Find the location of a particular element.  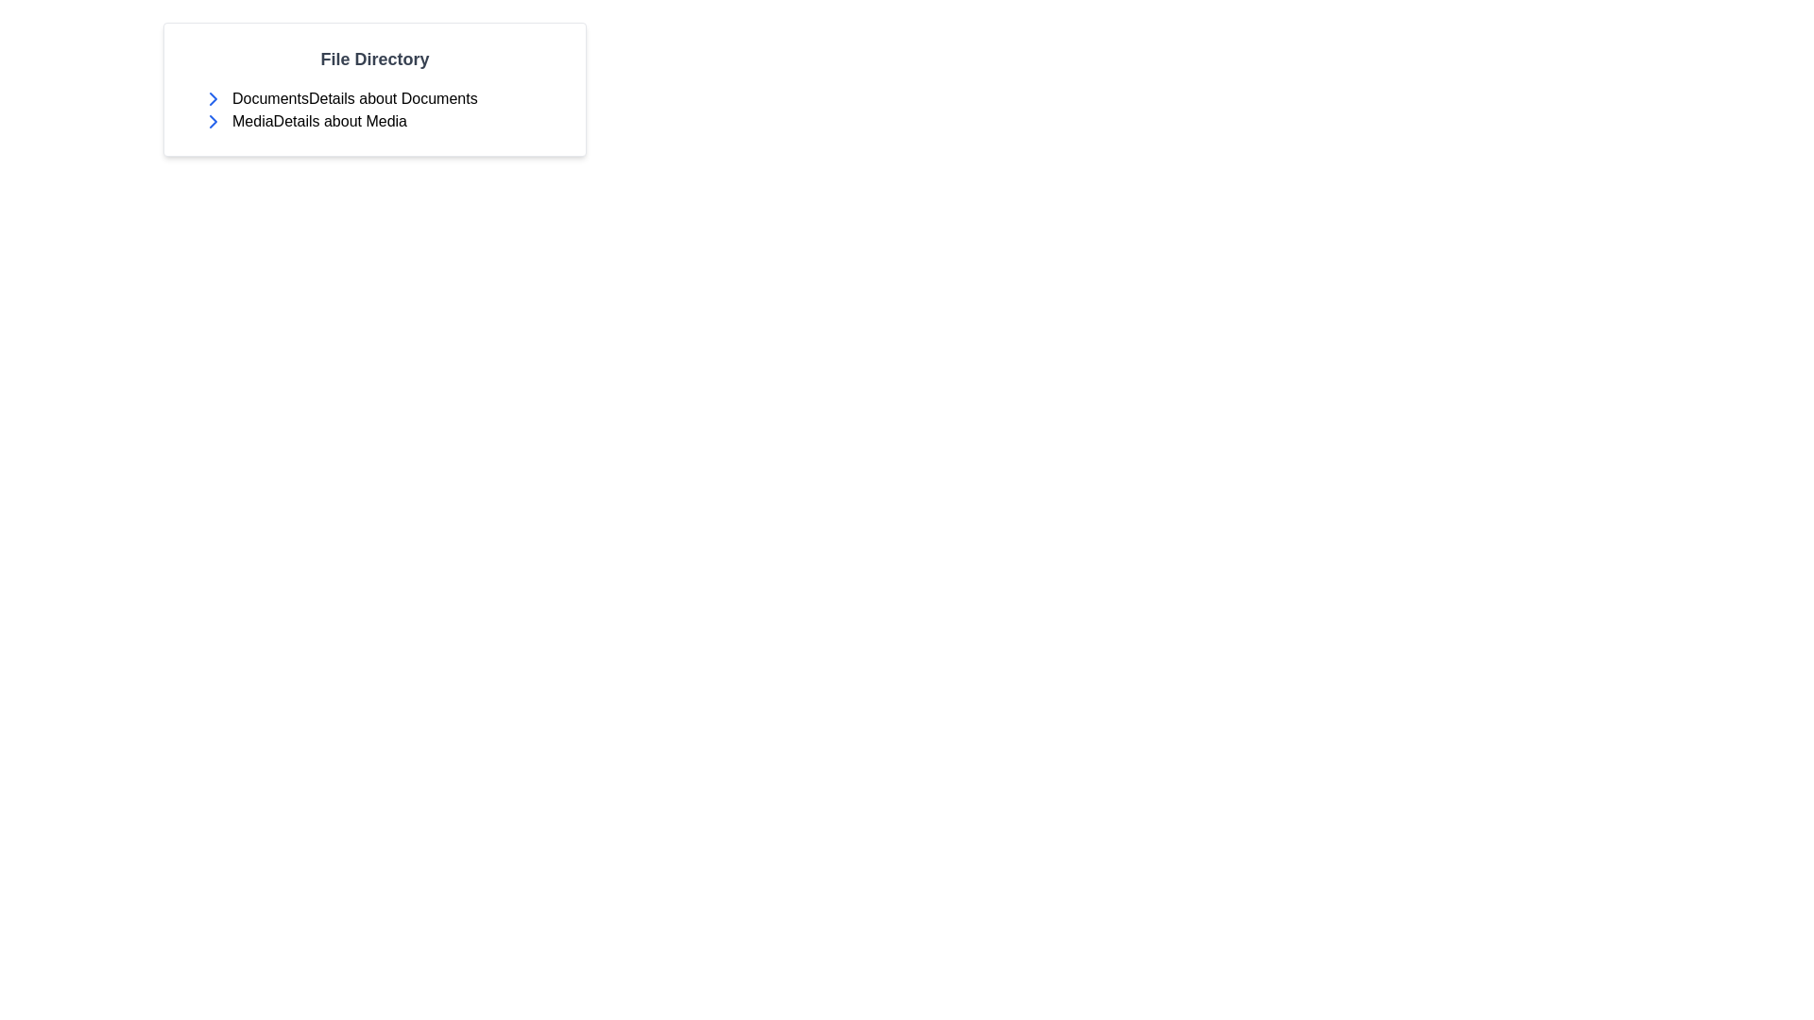

the chevron icon located next to the text 'MediaDetails about Media' is located at coordinates (213, 98).